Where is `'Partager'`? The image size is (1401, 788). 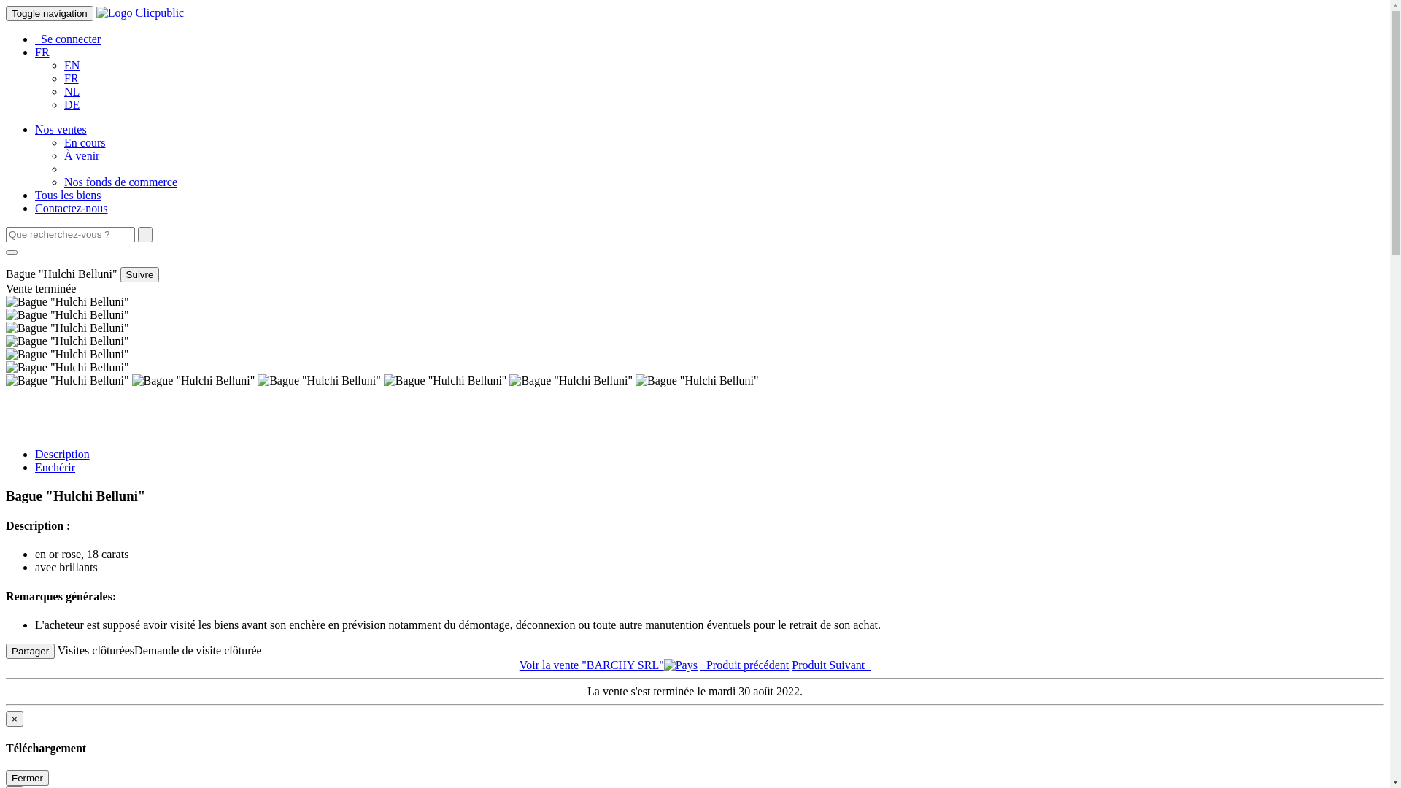 'Partager' is located at coordinates (30, 650).